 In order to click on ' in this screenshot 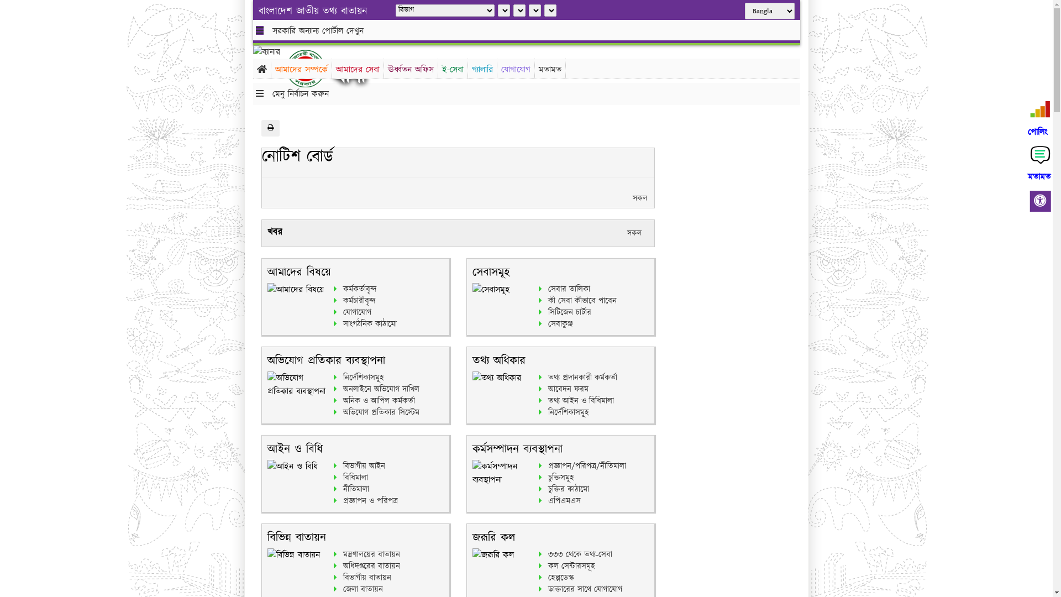, I will do `click(313, 68)`.